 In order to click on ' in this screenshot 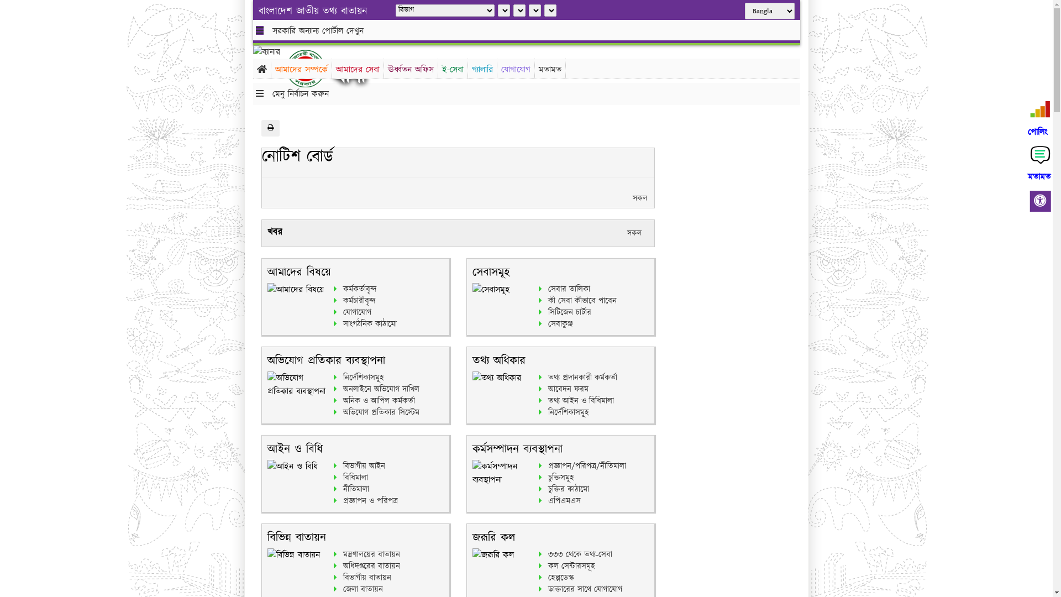, I will do `click(313, 68)`.